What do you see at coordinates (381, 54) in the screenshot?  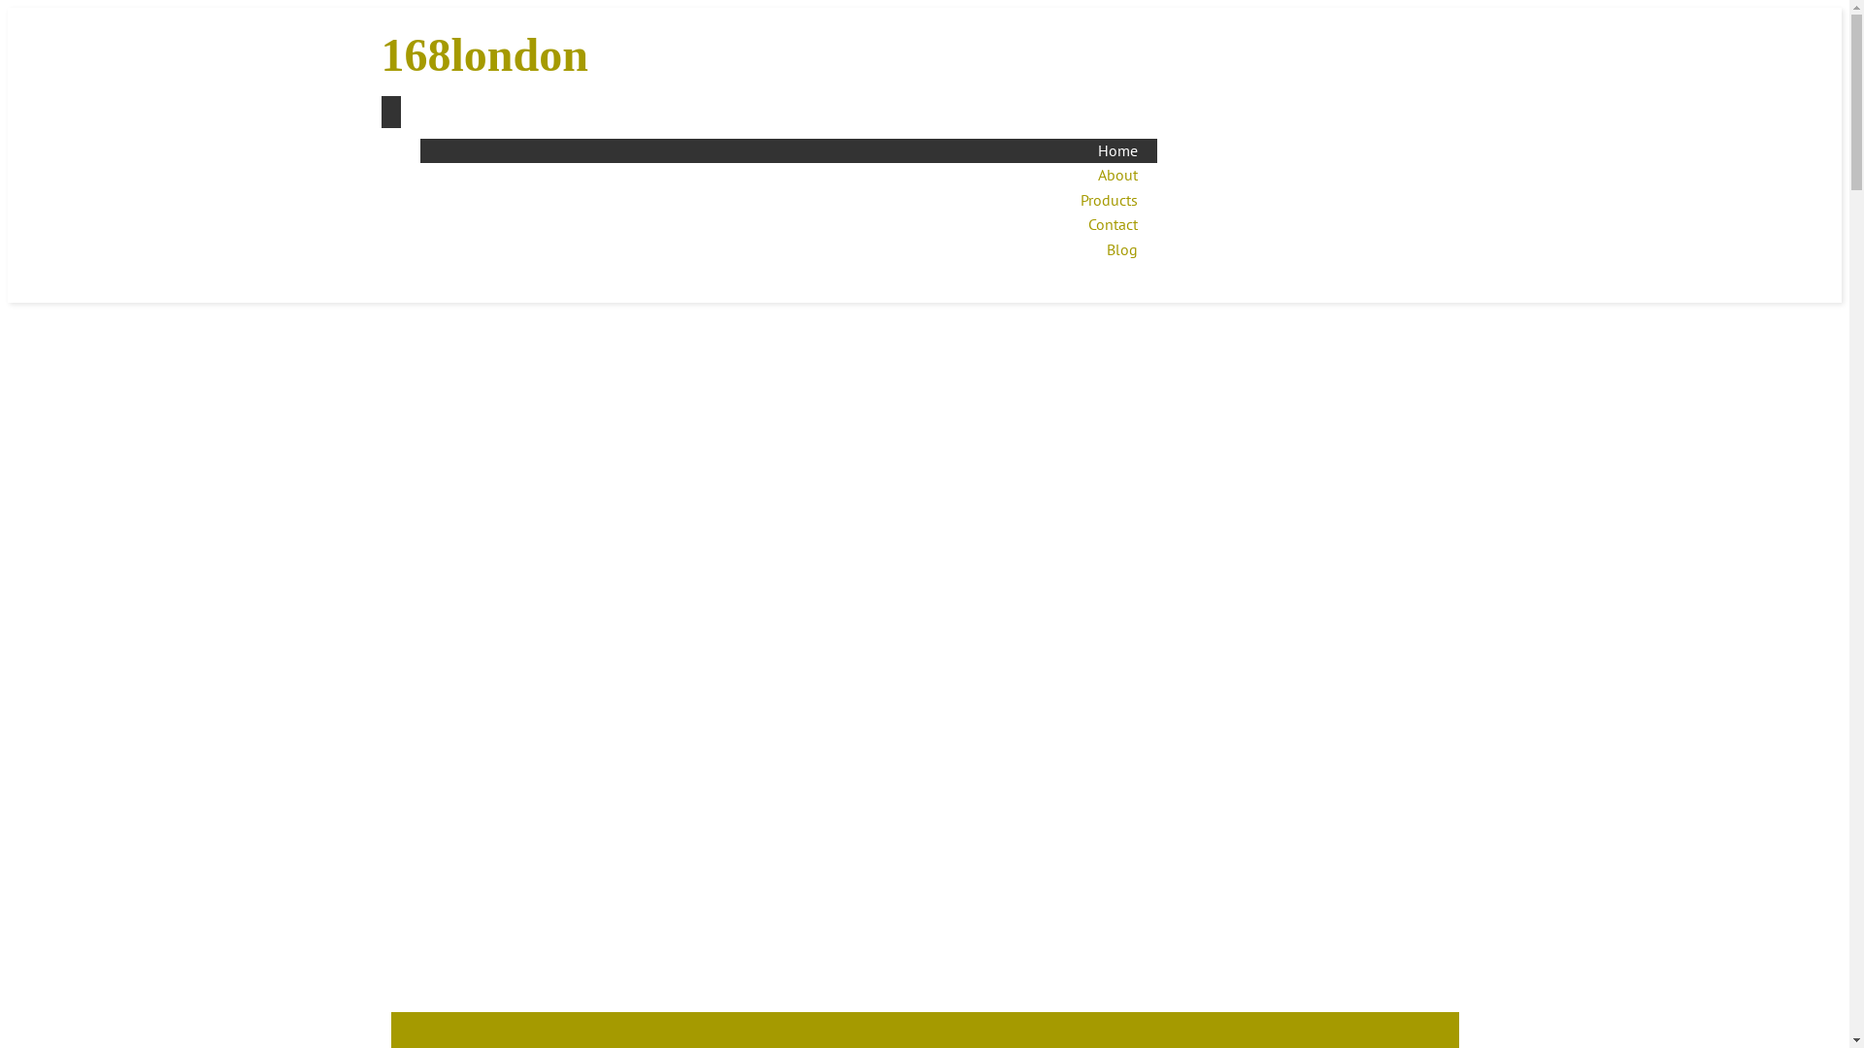 I see `'168london'` at bounding box center [381, 54].